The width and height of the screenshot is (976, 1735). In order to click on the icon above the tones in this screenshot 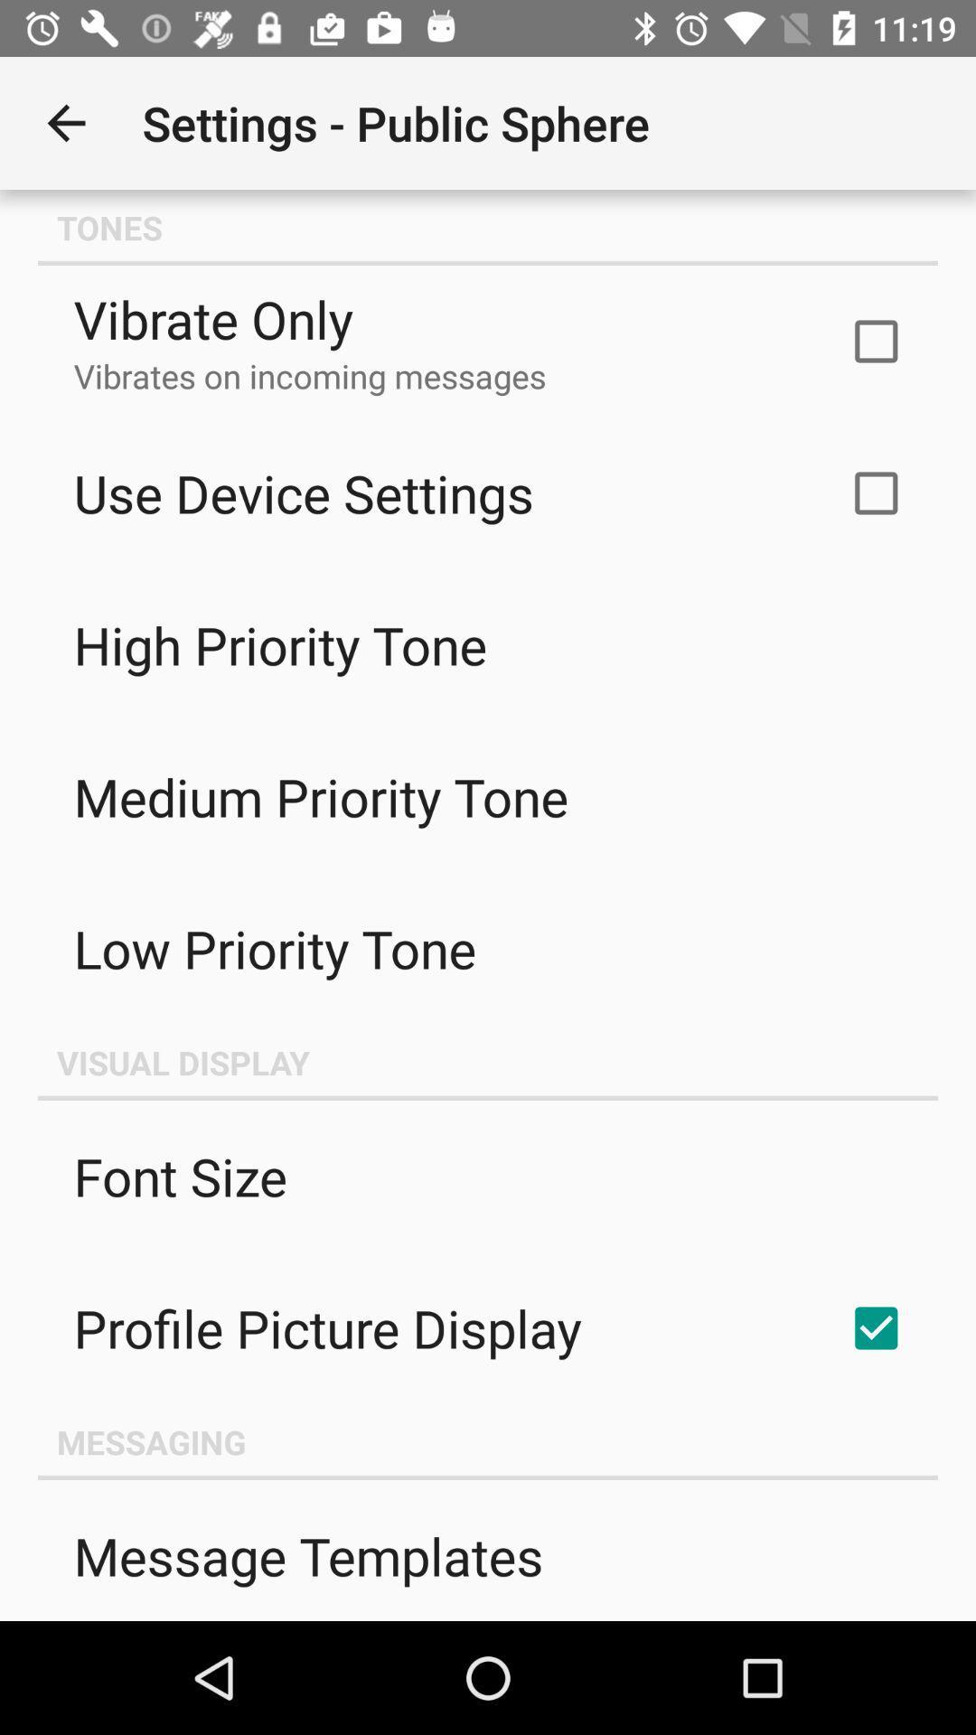, I will do `click(65, 122)`.